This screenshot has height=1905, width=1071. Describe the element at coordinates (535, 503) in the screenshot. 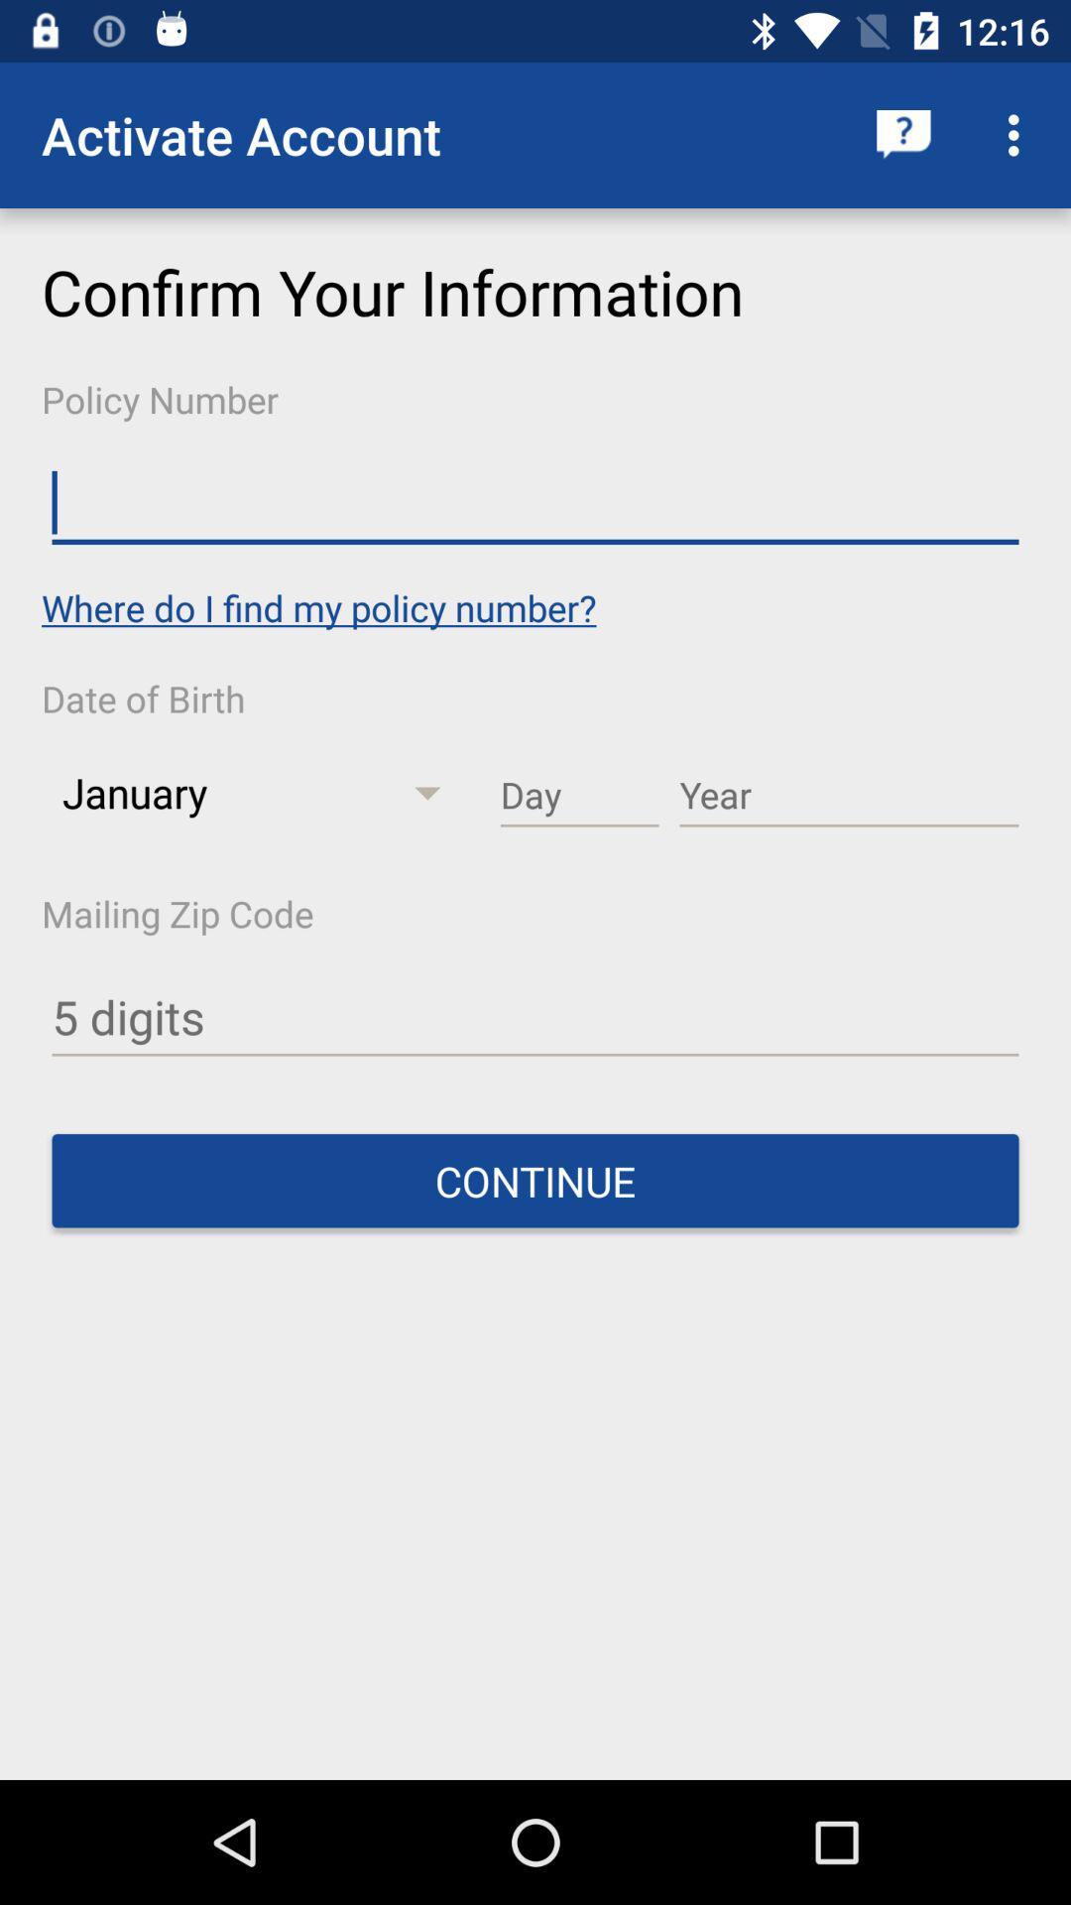

I see `policy number` at that location.